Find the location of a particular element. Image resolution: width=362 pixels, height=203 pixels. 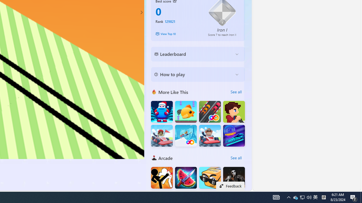

'Class: control' is located at coordinates (141, 12).